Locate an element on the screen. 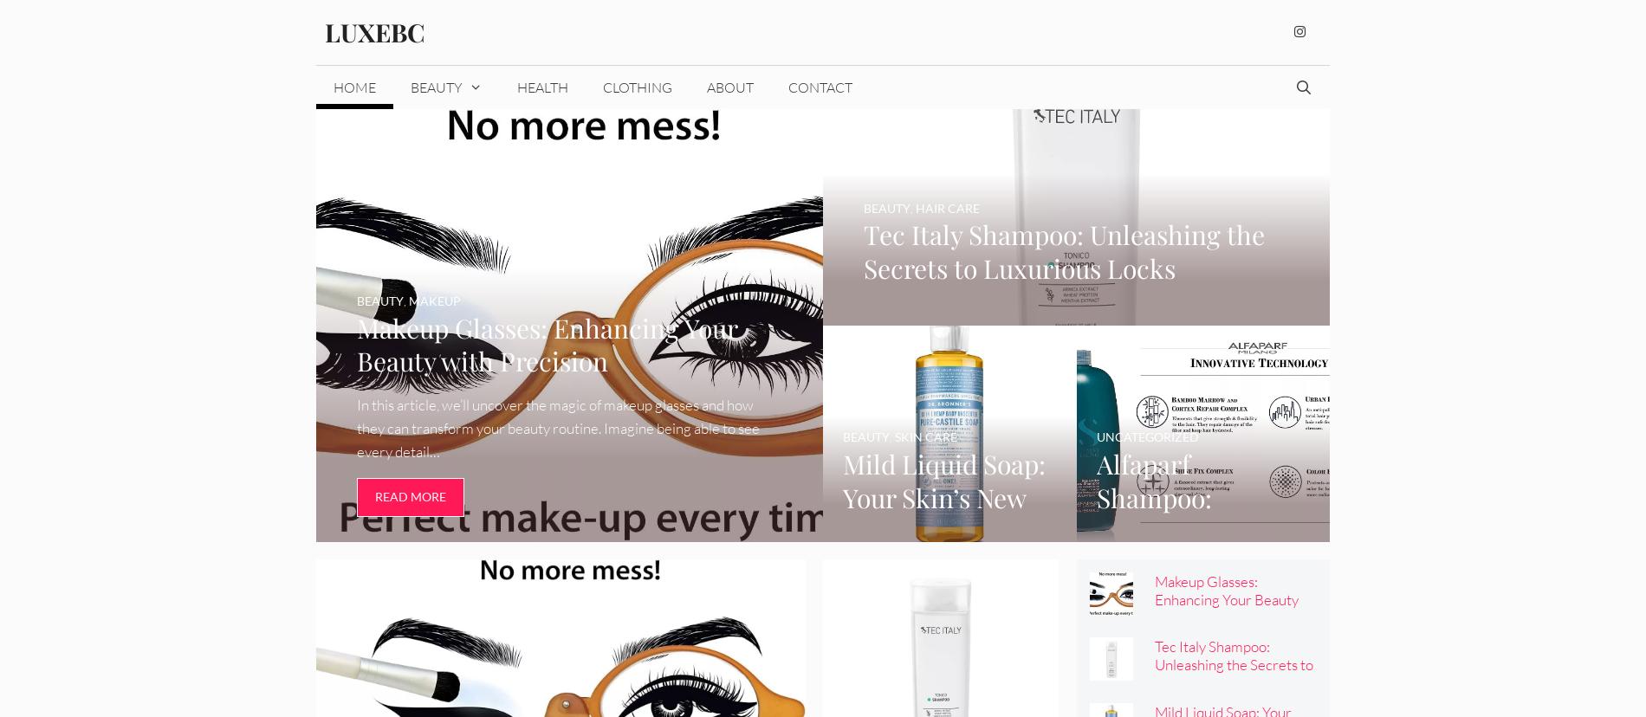  'In this article, we’ll uncover the magic of makeup glasses and how they can transform your beauty routine. Imagine being able to see every detail…' is located at coordinates (557, 427).